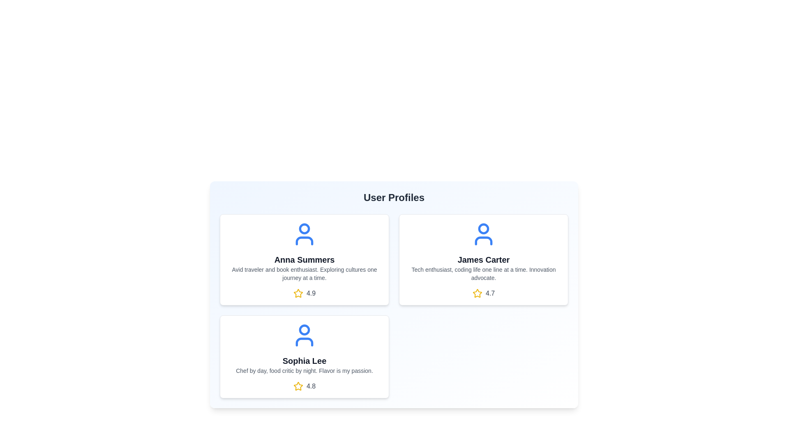  Describe the element at coordinates (304, 274) in the screenshot. I see `the bio text of the user card for Anna Summers` at that location.